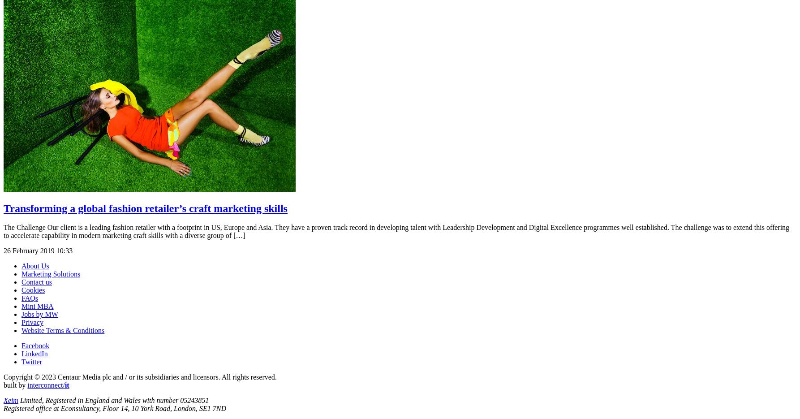  Describe the element at coordinates (34, 353) in the screenshot. I see `'LinkedIn'` at that location.